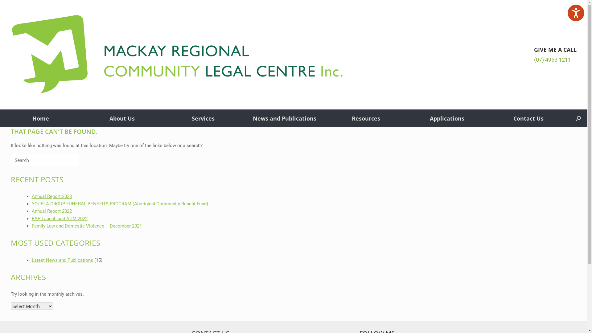 This screenshot has height=333, width=592. What do you see at coordinates (51, 196) in the screenshot?
I see `'Annual Report 2023'` at bounding box center [51, 196].